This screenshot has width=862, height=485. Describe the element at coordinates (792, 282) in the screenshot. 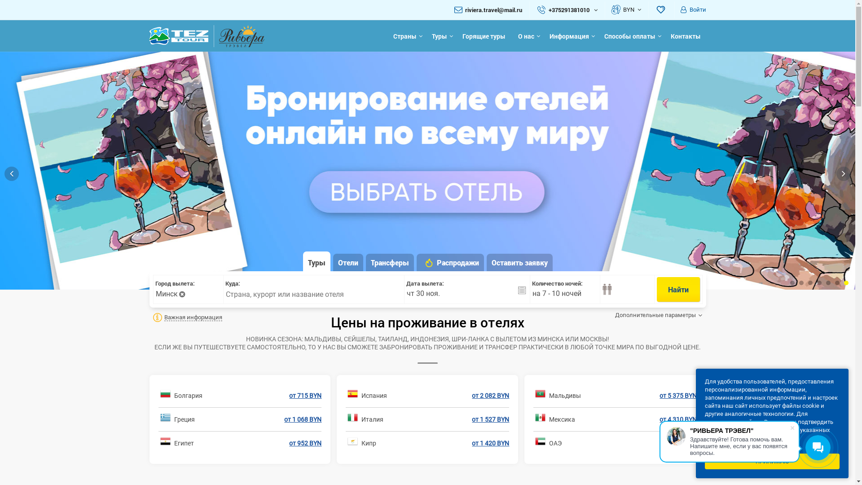

I see `'1'` at that location.